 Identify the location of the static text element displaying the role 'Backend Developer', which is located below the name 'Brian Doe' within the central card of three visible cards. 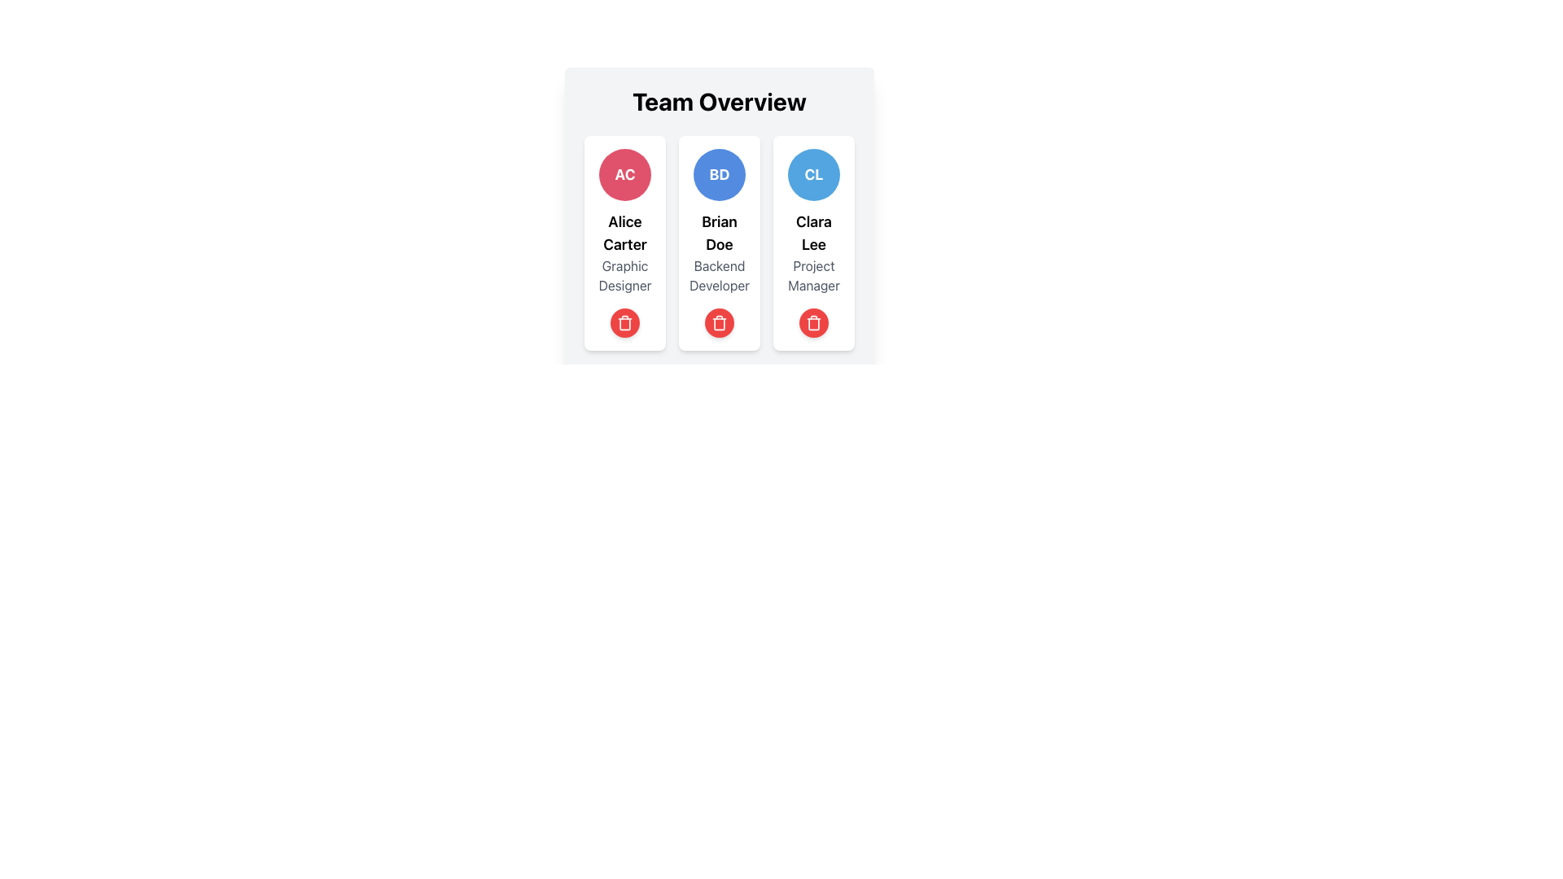
(718, 275).